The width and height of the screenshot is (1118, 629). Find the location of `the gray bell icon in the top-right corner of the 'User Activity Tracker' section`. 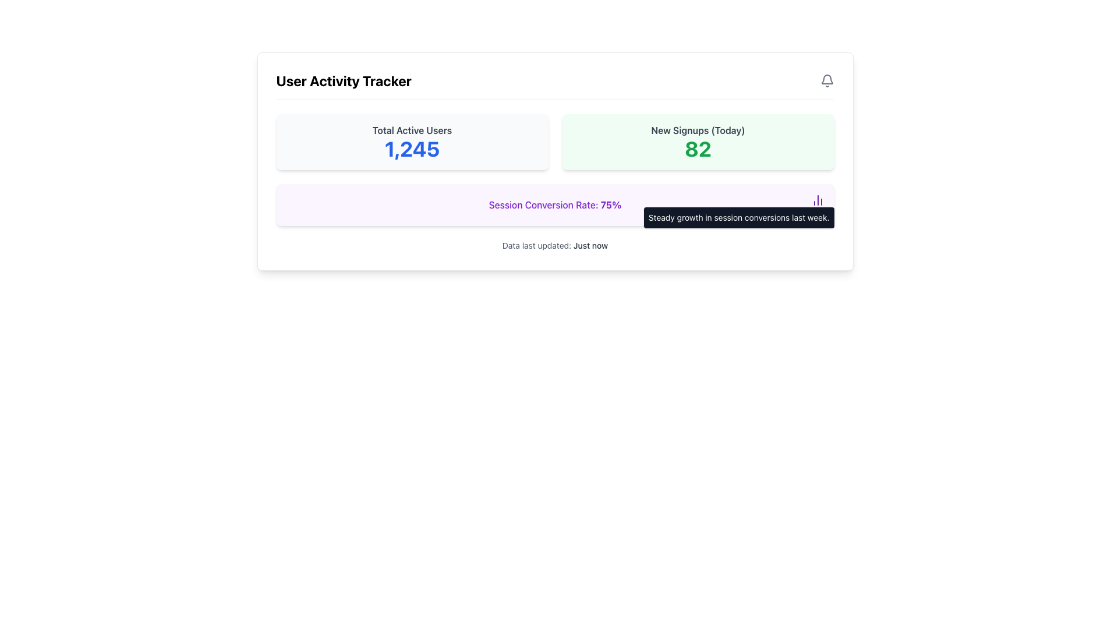

the gray bell icon in the top-right corner of the 'User Activity Tracker' section is located at coordinates (826, 80).